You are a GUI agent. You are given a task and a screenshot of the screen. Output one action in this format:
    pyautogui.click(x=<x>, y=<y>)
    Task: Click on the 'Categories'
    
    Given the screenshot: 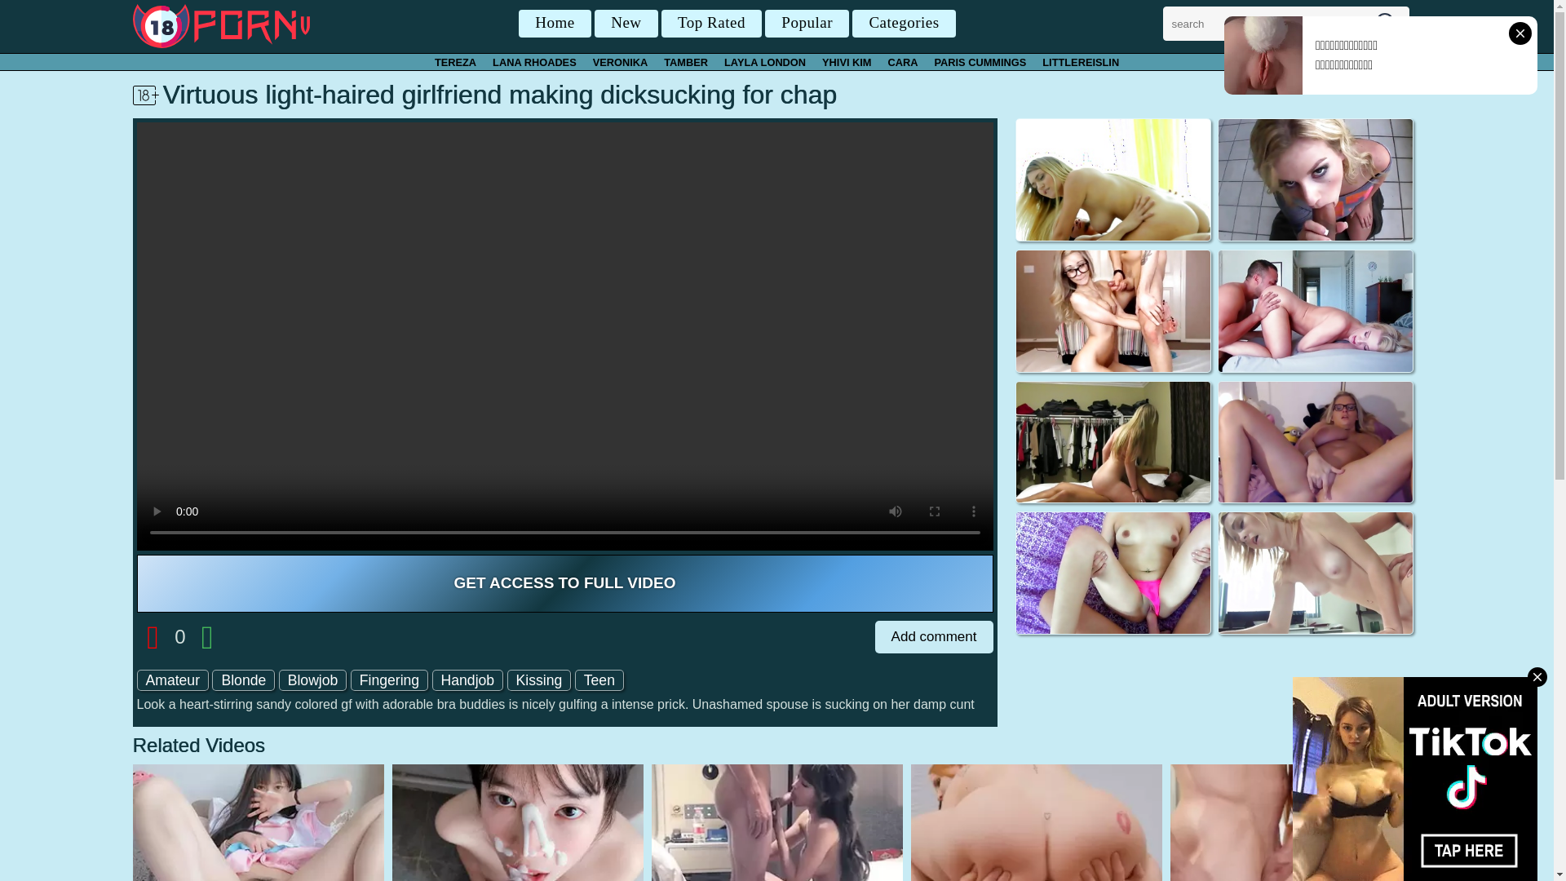 What is the action you would take?
    pyautogui.click(x=903, y=24)
    